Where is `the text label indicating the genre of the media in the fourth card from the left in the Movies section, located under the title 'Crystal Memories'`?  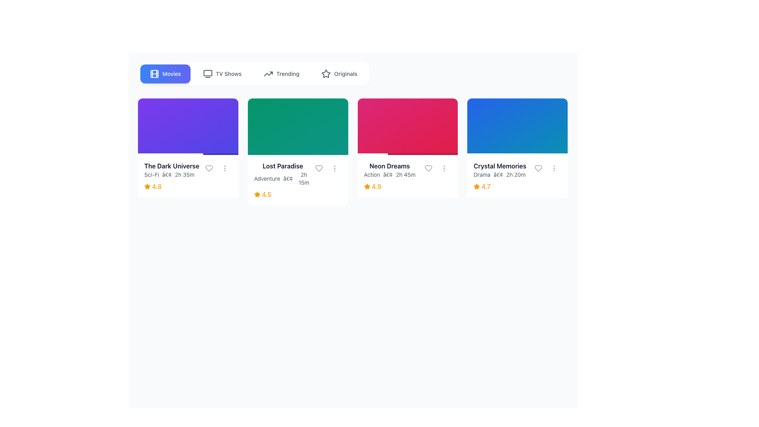 the text label indicating the genre of the media in the fourth card from the left in the Movies section, located under the title 'Crystal Memories' is located at coordinates (481, 174).